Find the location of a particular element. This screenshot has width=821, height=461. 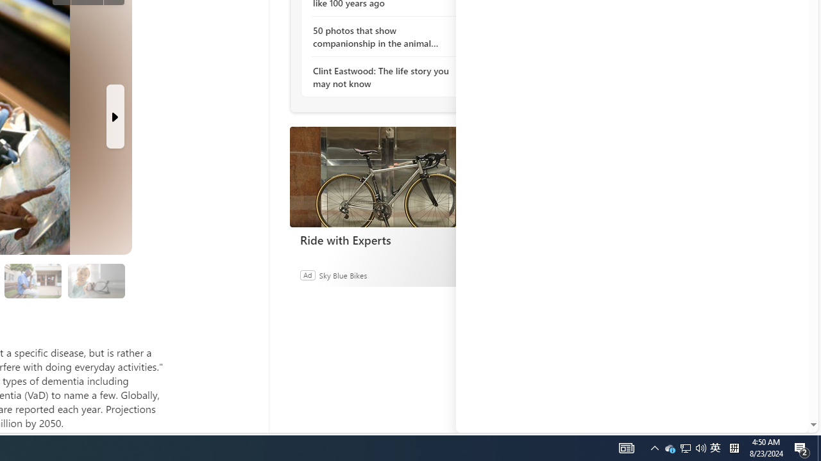

'Clint Eastwood: The life story you may not know' is located at coordinates (382, 77).